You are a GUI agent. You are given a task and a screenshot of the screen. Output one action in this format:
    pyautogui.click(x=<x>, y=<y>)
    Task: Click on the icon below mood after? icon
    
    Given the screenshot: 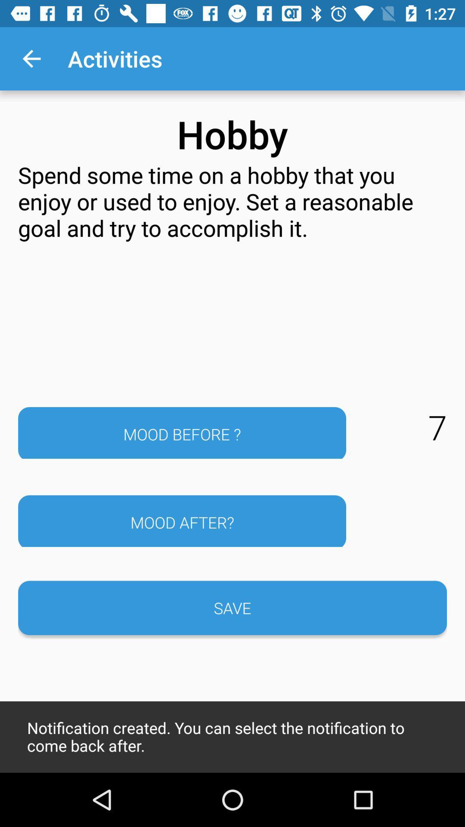 What is the action you would take?
    pyautogui.click(x=232, y=607)
    